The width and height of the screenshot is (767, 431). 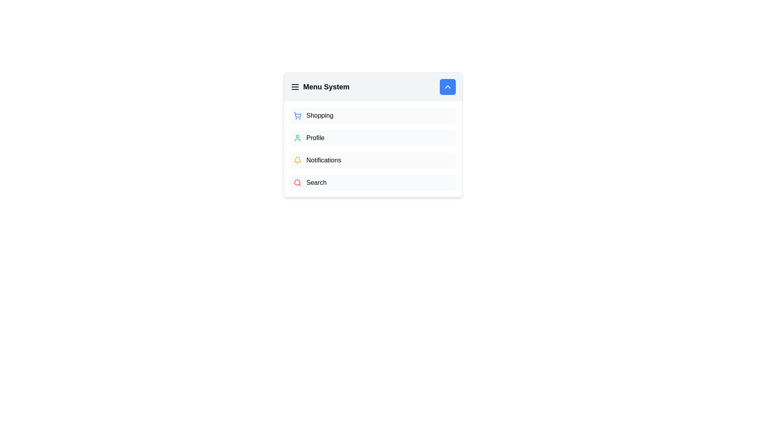 I want to click on the fourth button in the vertical menu list, located beneath the 'Notifications' button, so click(x=373, y=183).